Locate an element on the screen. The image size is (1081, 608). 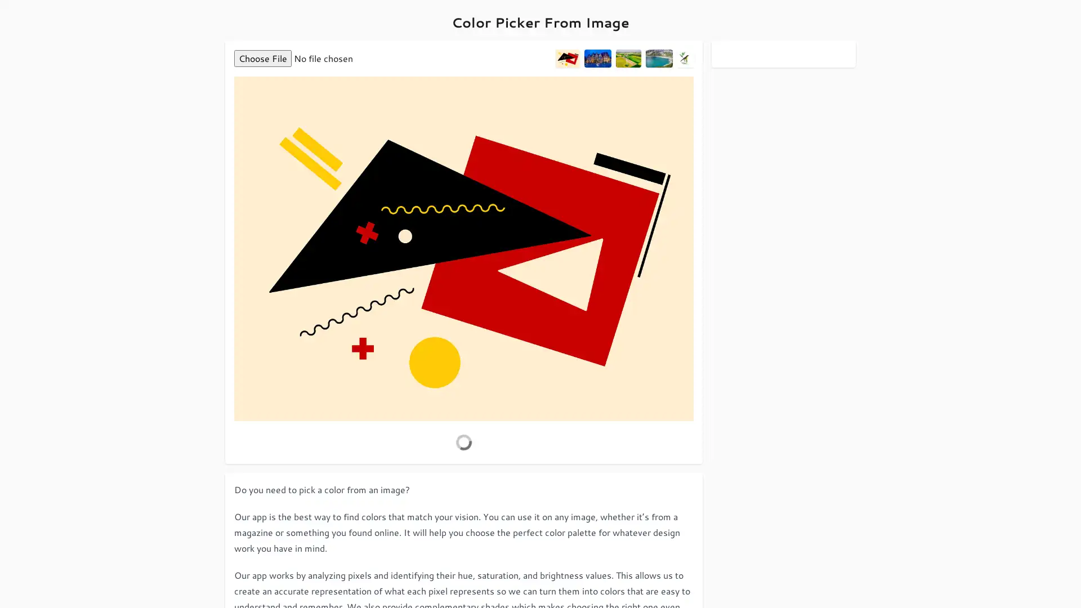
Choose File is located at coordinates (262, 59).